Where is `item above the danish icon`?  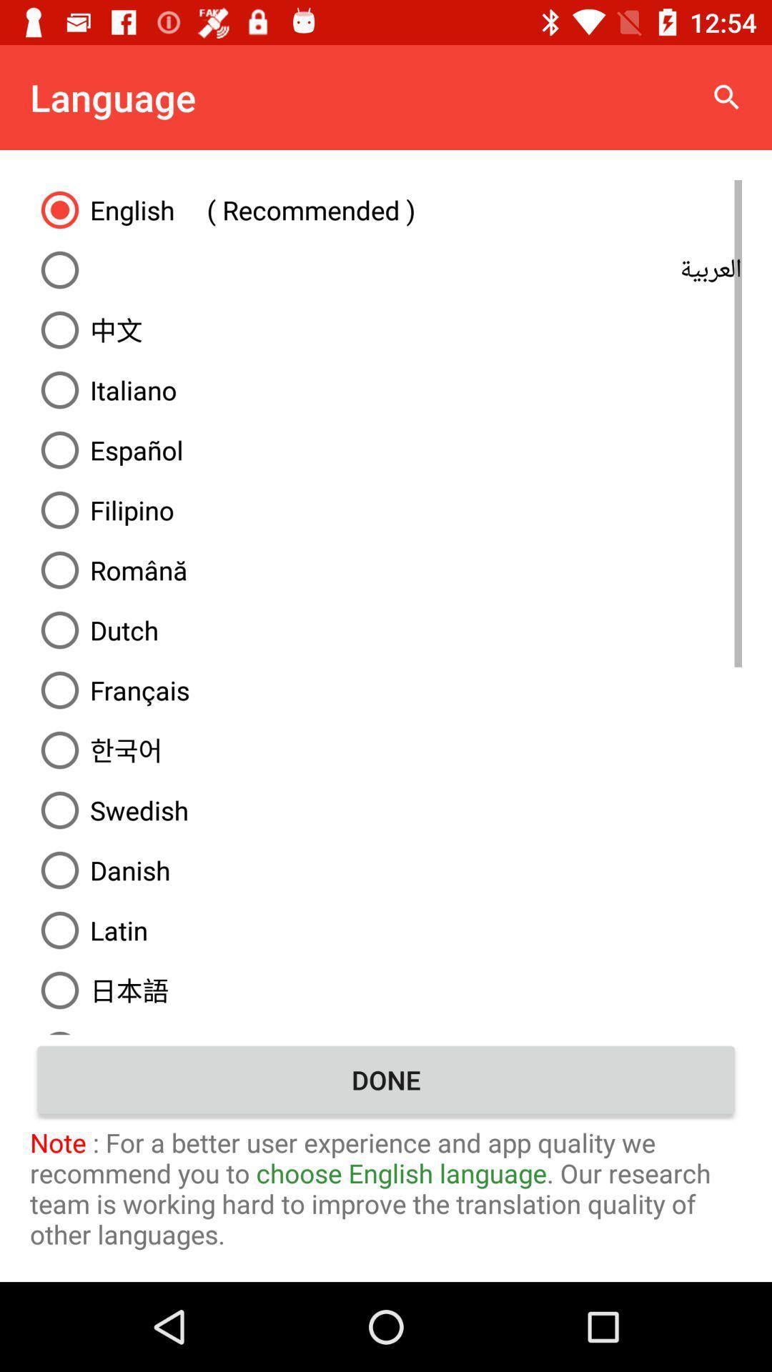 item above the danish icon is located at coordinates (386, 810).